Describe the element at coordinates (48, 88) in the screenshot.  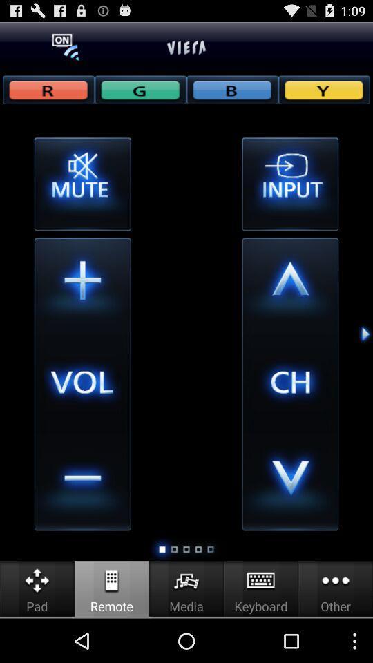
I see `button r` at that location.